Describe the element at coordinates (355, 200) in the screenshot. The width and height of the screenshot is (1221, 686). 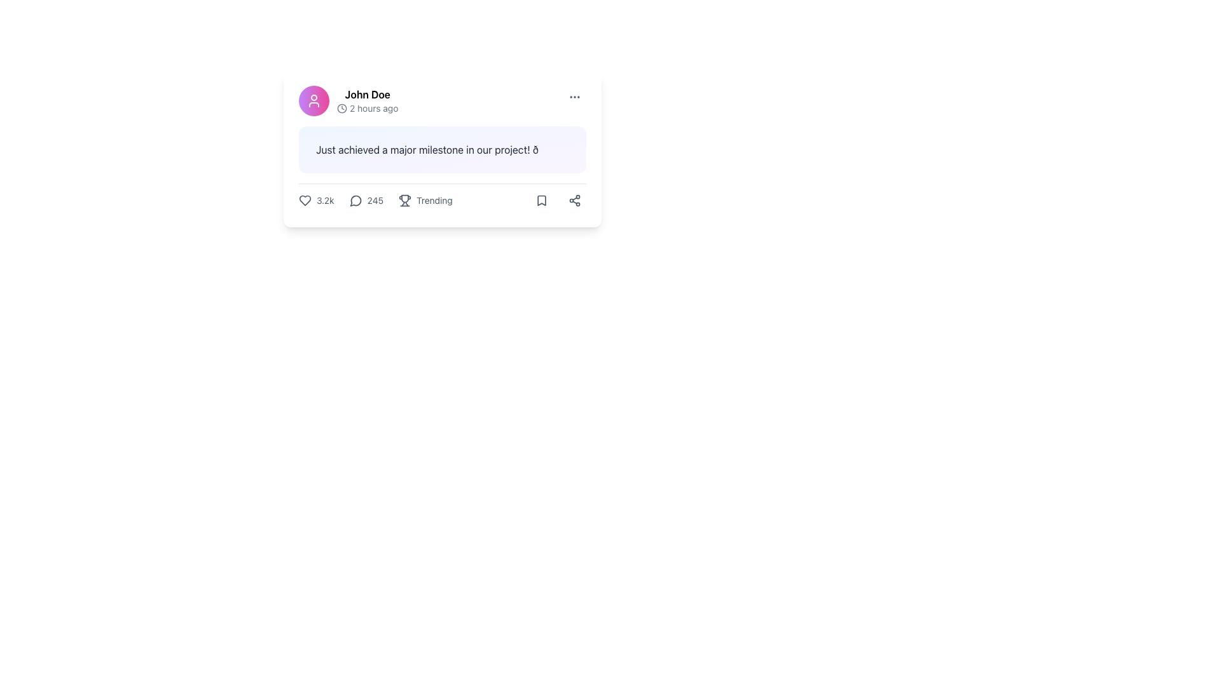
I see `the circular chat bubble icon located at the first position in the horizontal line of icons below the post content to observe its interactive styling change from medium gray to blue` at that location.